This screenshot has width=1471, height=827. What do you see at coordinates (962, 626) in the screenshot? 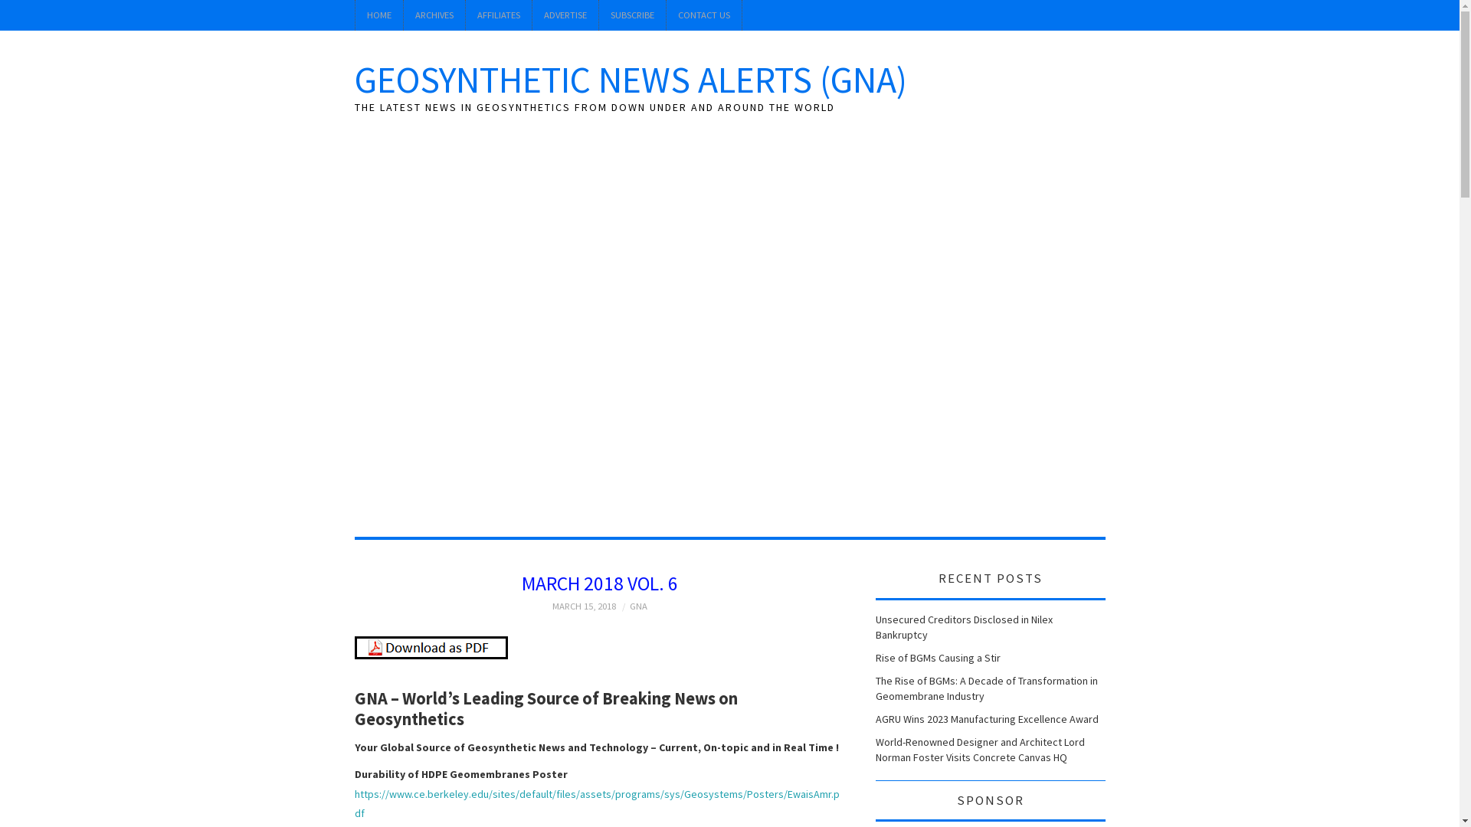
I see `'Unsecured Creditors Disclosed in Nilex Bankruptcy'` at bounding box center [962, 626].